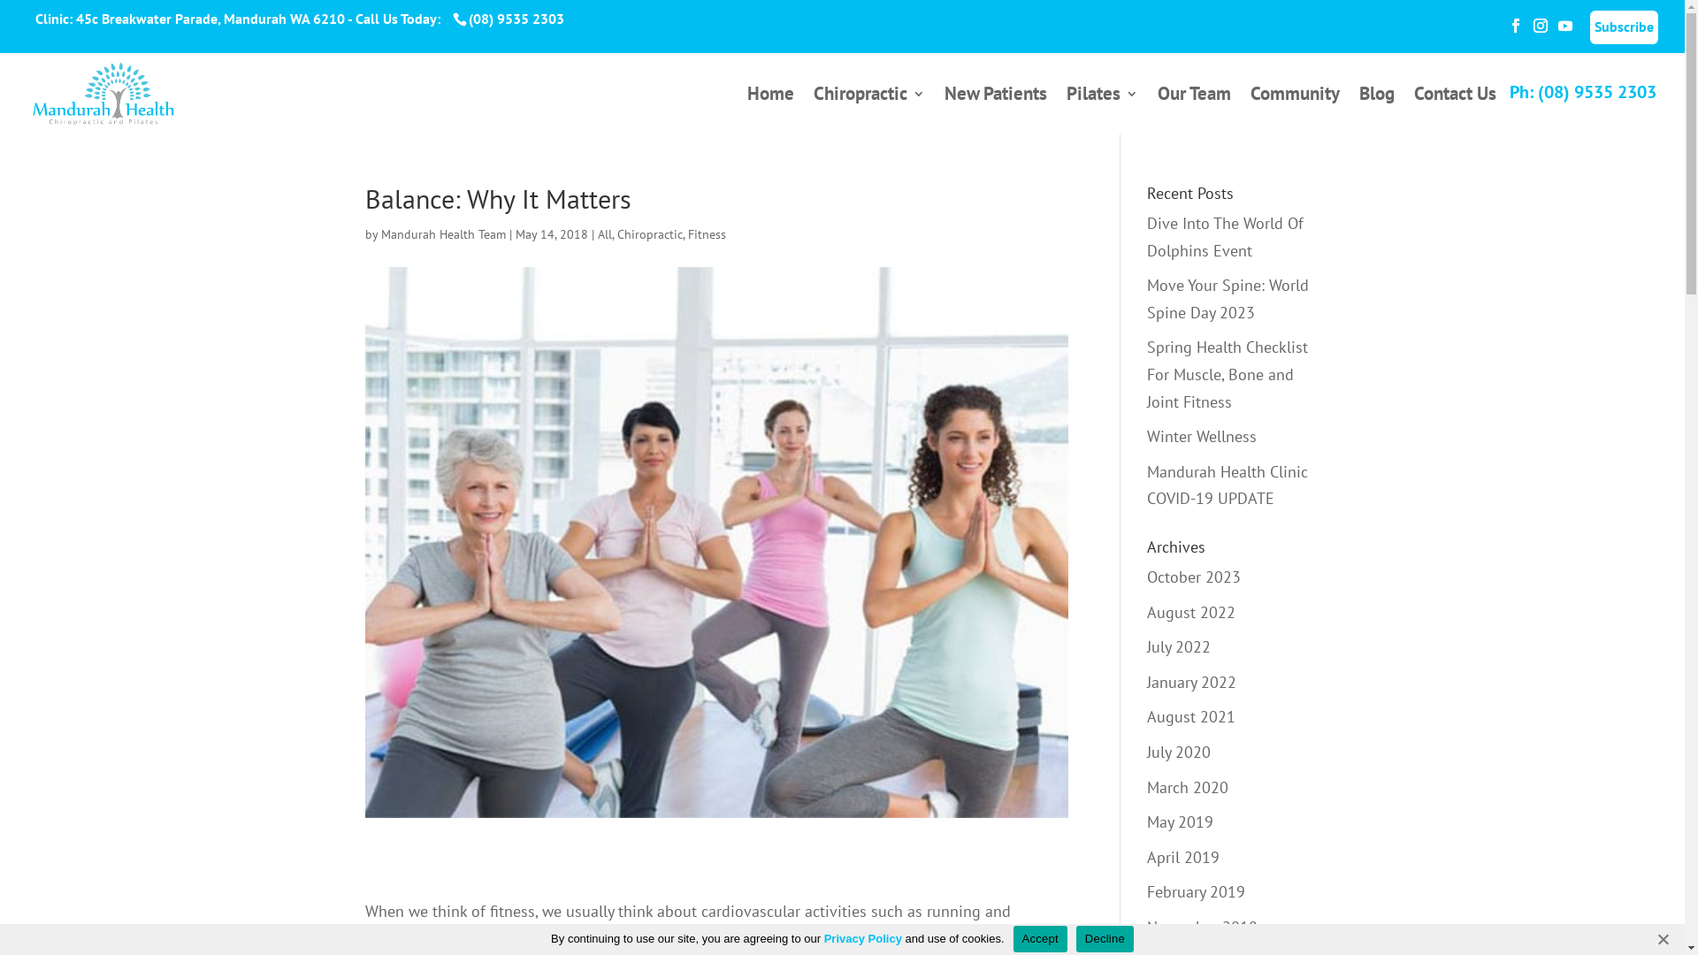 The width and height of the screenshot is (1698, 955). I want to click on 'Spring Health Checklist For Muscle, Bone and Joint Fitness', so click(1146, 373).